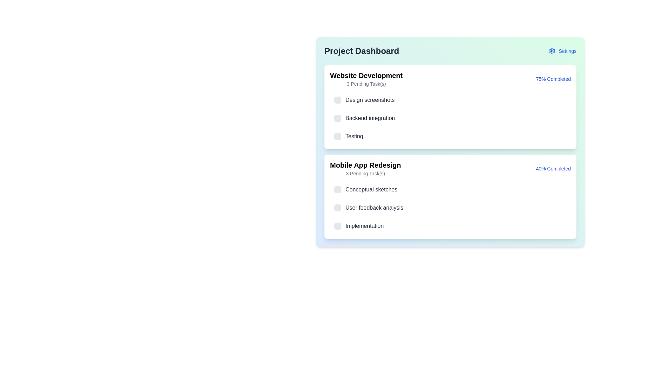 The image size is (672, 378). Describe the element at coordinates (337, 118) in the screenshot. I see `the checkbox for 'Backend integration' in the 'Website Development' section of the Project Dashboard` at that location.